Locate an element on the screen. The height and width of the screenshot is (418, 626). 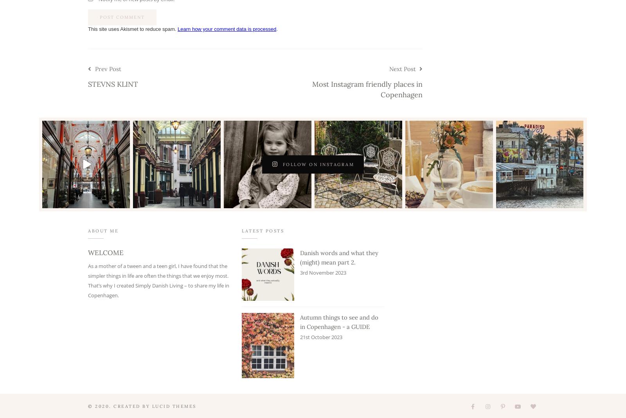
'As a mother of a tween and a teen girl, I have found that the simpler things in life are often the things that we enjoy most. That’s why I created Simply Danish Living – to share my life in Copenhagen.' is located at coordinates (88, 280).